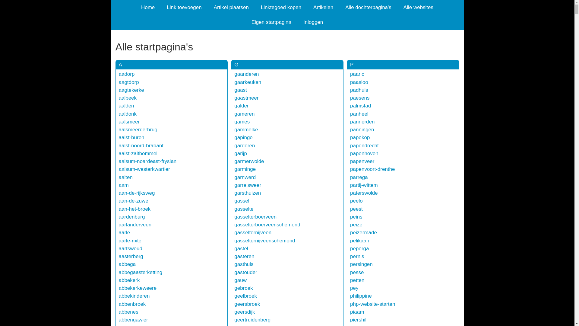 Image resolution: width=579 pixels, height=326 pixels. Describe the element at coordinates (242, 201) in the screenshot. I see `'gassel'` at that location.